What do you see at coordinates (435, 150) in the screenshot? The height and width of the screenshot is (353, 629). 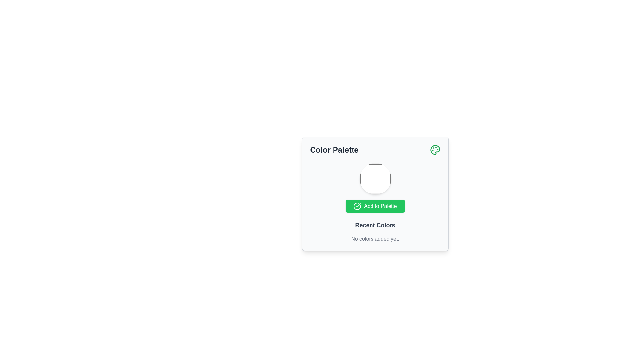 I see `the Decorative Icon Element representing a palette in the top-right corner of the 'Color Palette' section` at bounding box center [435, 150].